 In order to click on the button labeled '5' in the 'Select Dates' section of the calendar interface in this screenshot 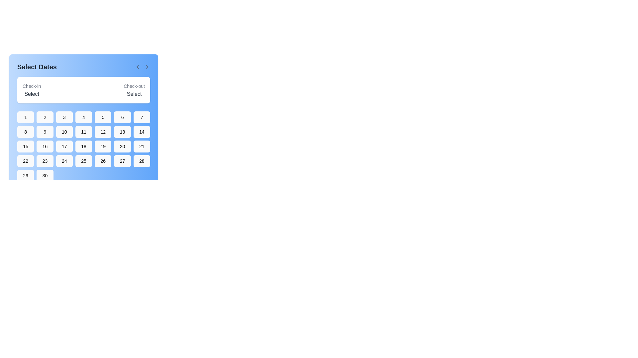, I will do `click(103, 117)`.